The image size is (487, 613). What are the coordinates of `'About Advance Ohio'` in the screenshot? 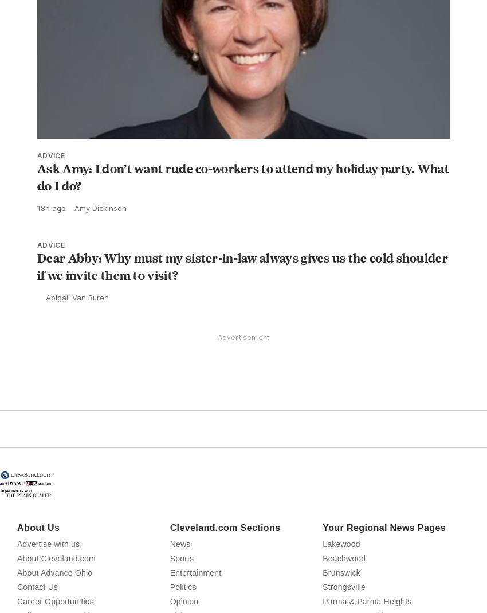 It's located at (54, 598).